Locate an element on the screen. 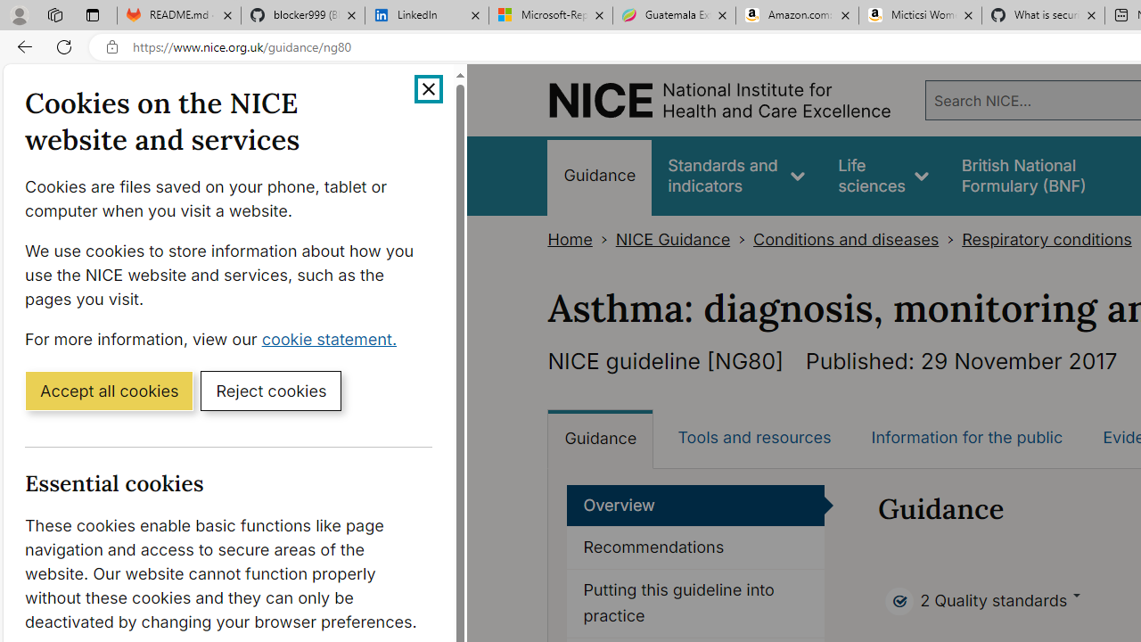 The image size is (1141, 642). 'Tools and resources' is located at coordinates (754, 438).